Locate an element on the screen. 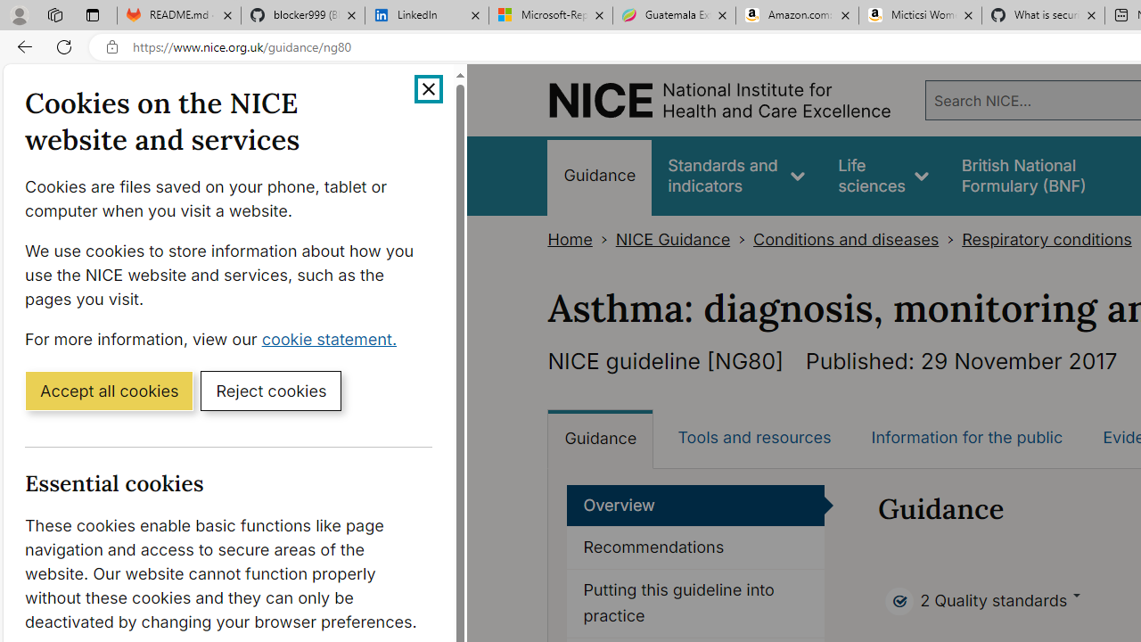 The image size is (1141, 642). 'Tools and resources' is located at coordinates (754, 438).